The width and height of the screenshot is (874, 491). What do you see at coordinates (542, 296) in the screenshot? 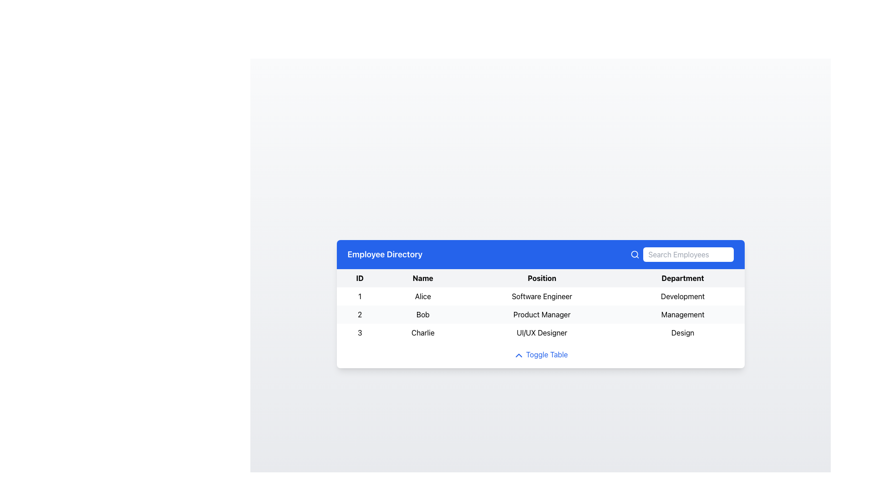
I see `the Static Text element displaying 'Software Engineer' in the first row of the table under the 'Position' column` at bounding box center [542, 296].